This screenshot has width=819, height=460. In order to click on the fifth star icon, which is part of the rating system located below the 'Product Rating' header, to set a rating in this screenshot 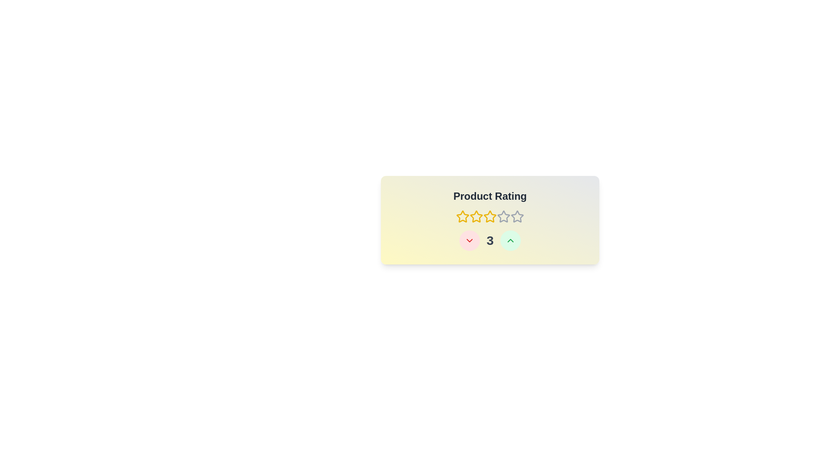, I will do `click(517, 216)`.